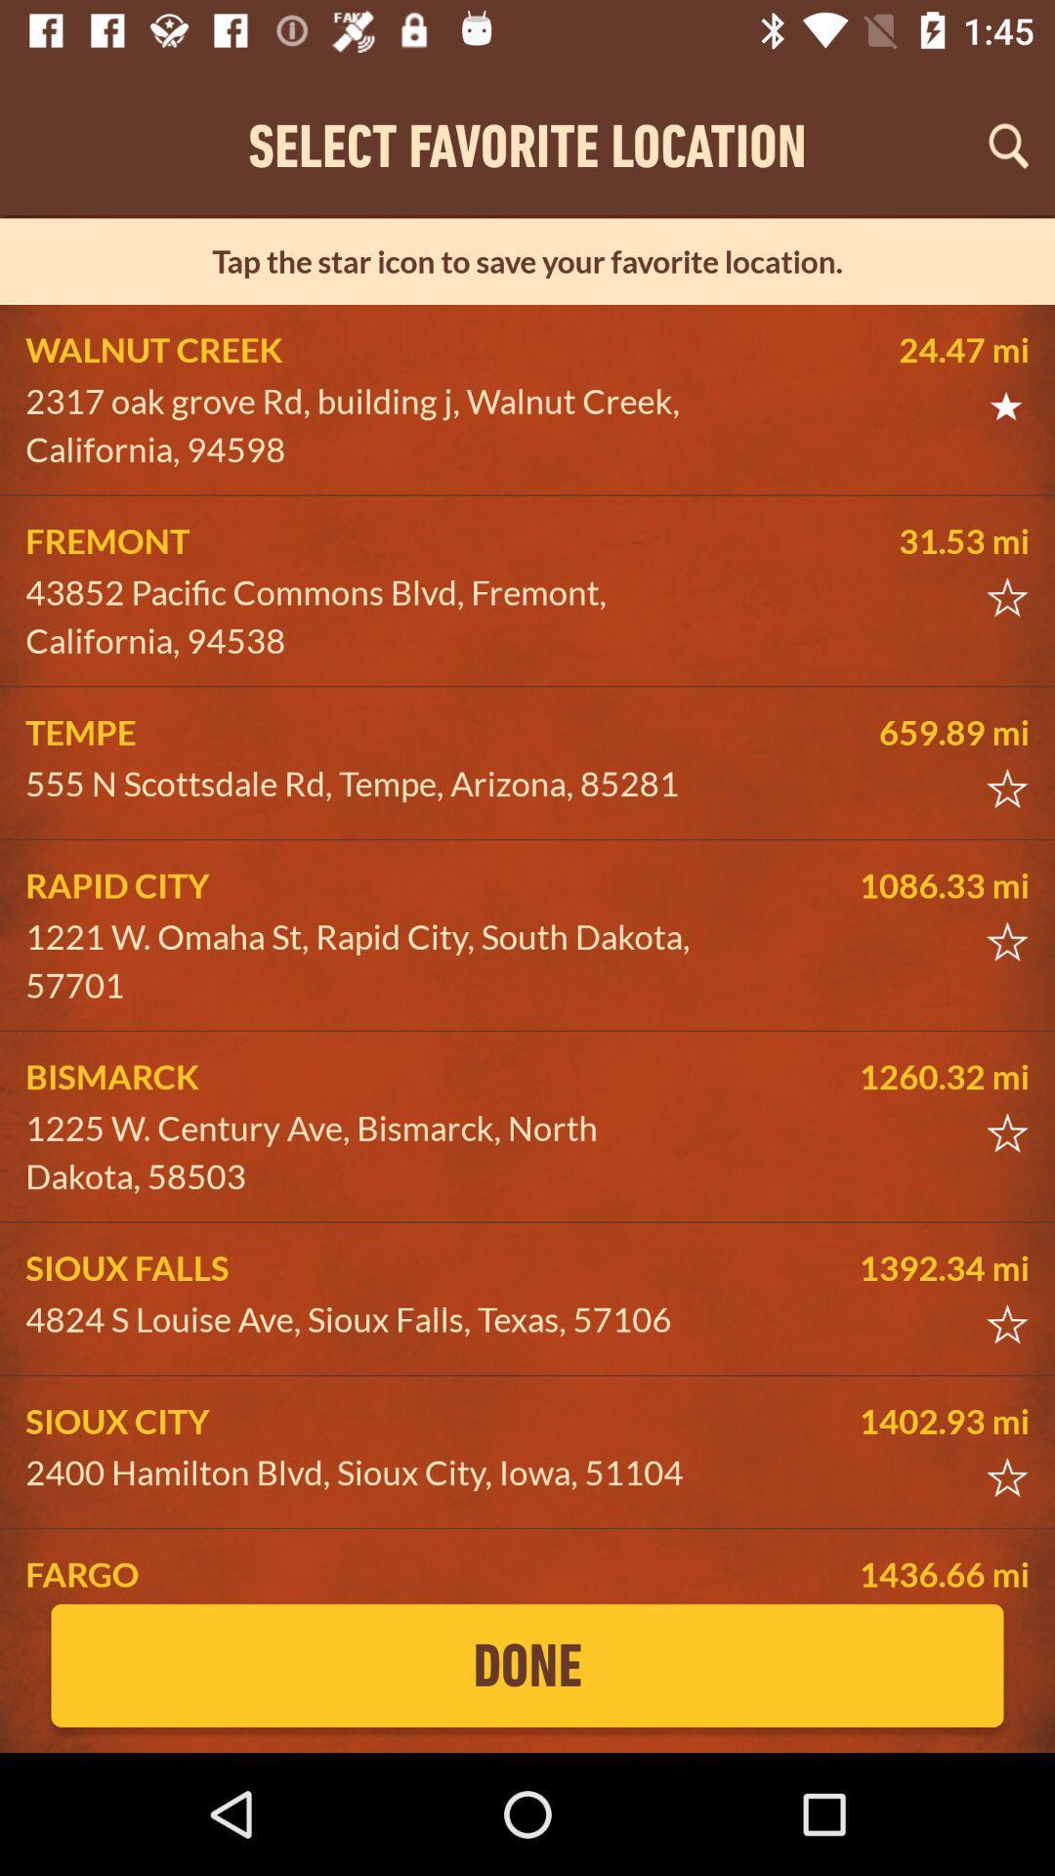  I want to click on the done icon, so click(527, 1664).